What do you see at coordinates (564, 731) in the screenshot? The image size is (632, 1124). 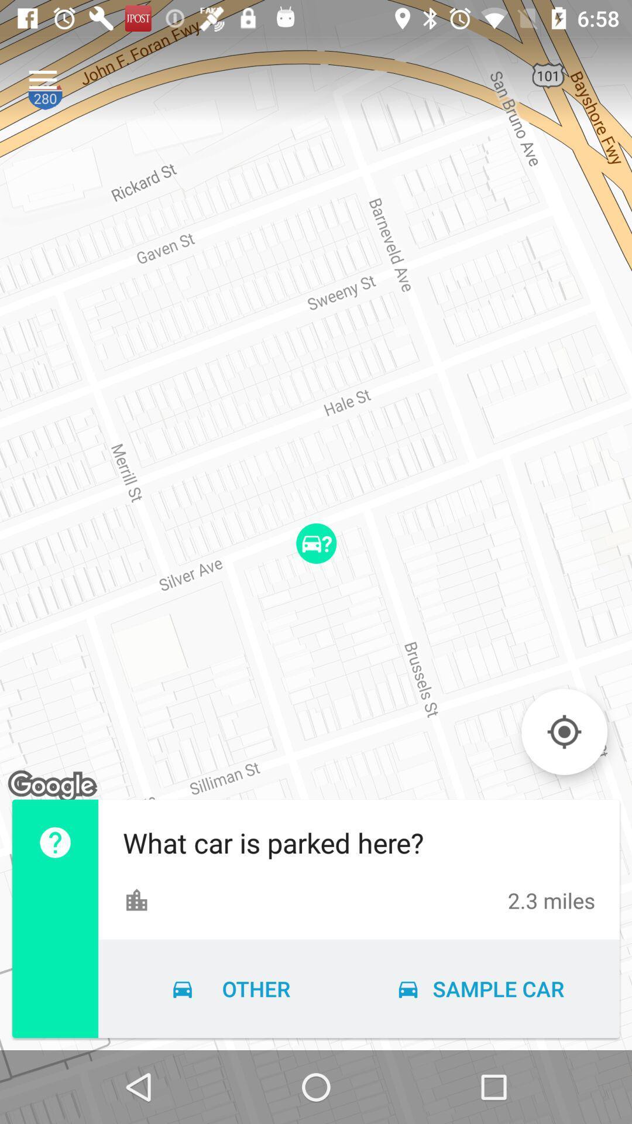 I see `to current gps location` at bounding box center [564, 731].